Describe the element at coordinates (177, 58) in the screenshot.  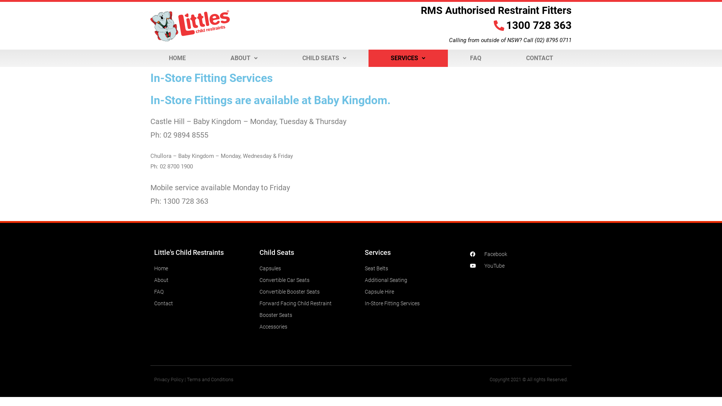
I see `'HOME'` at that location.